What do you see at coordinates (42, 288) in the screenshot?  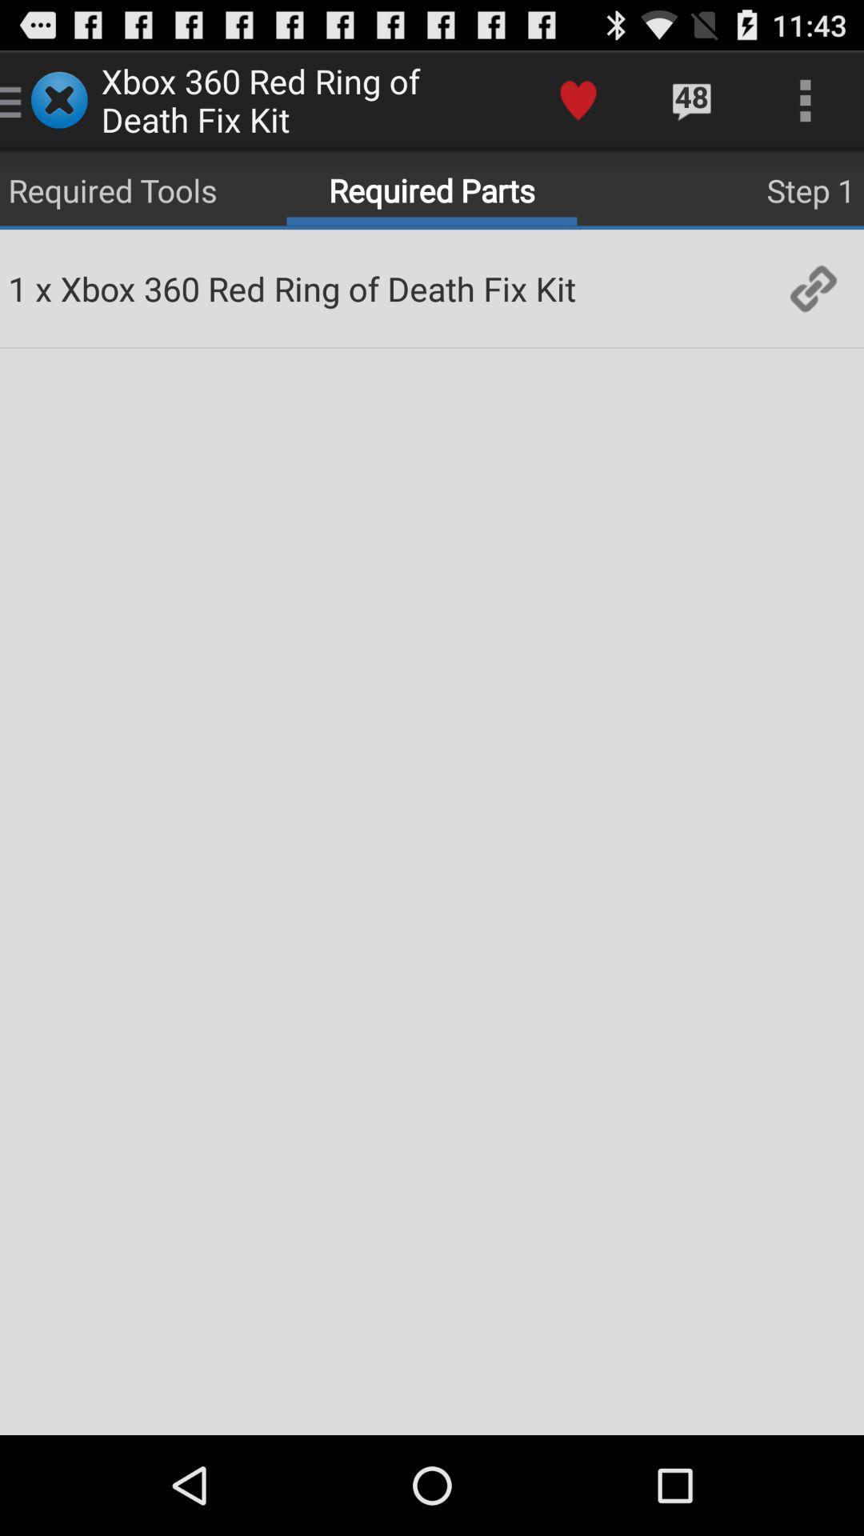 I see `icon next to 1 icon` at bounding box center [42, 288].